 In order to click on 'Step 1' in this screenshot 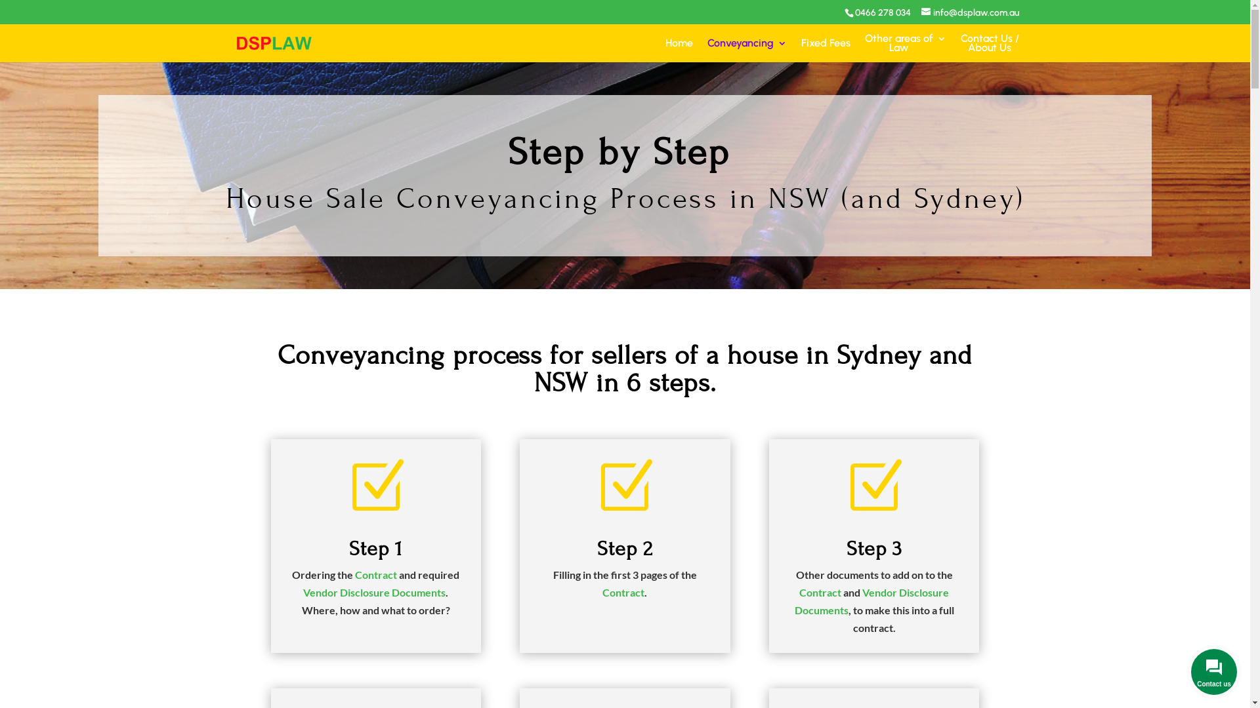, I will do `click(349, 548)`.